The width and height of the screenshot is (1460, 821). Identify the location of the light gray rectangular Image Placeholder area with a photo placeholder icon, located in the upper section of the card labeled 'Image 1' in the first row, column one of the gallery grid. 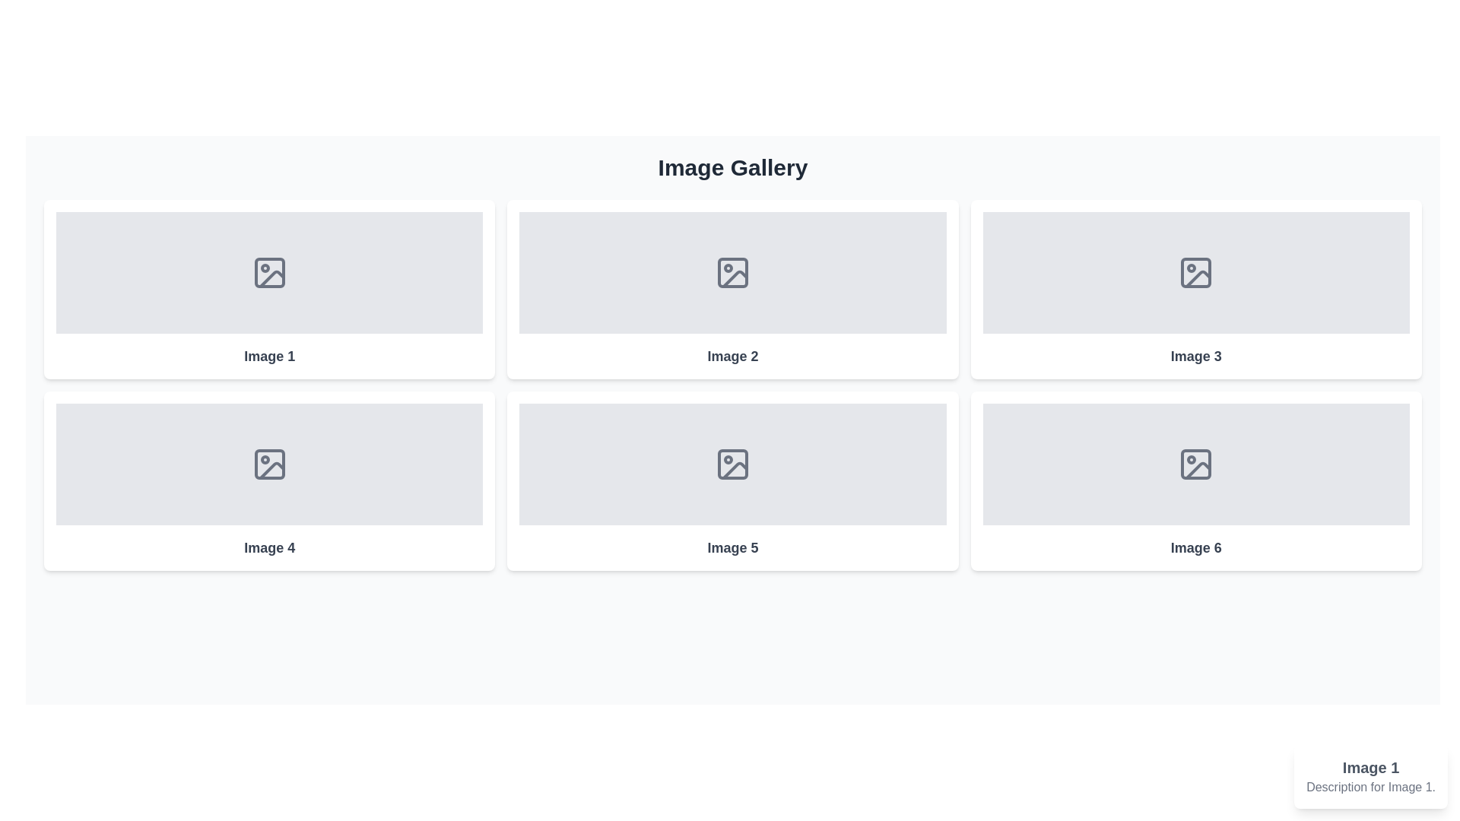
(269, 271).